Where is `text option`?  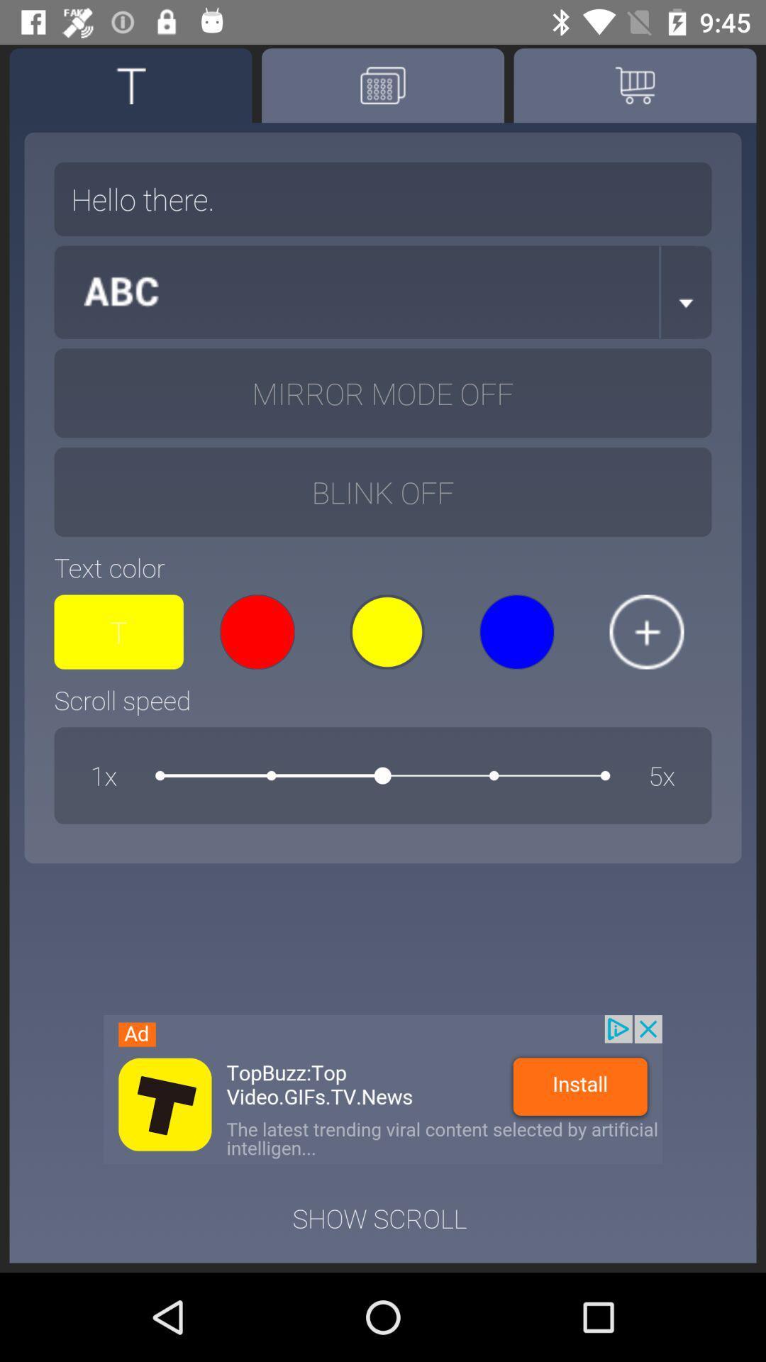 text option is located at coordinates (131, 84).